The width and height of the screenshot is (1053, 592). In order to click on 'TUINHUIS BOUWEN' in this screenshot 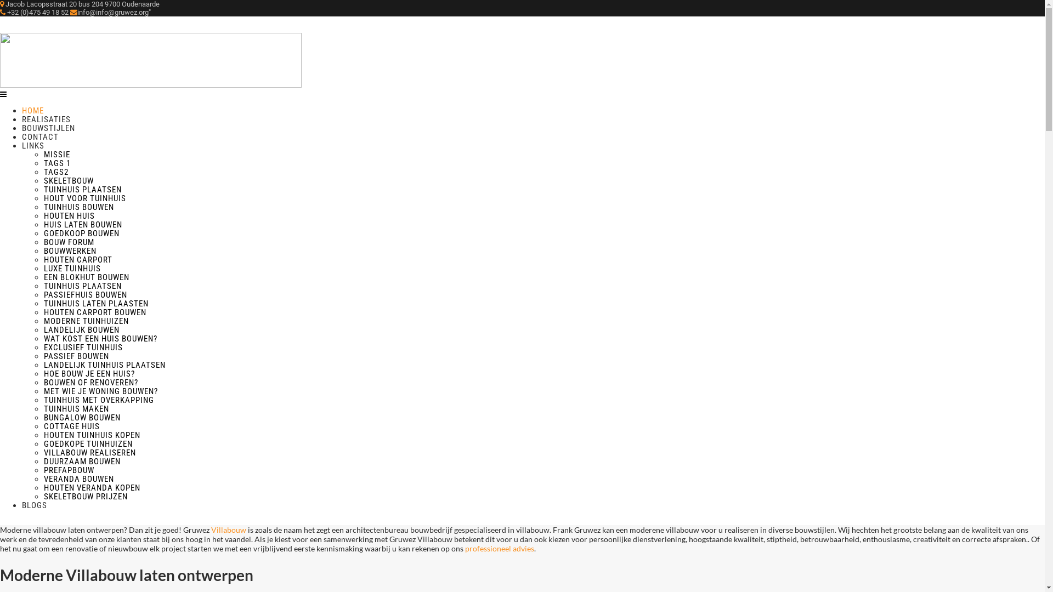, I will do `click(78, 207)`.